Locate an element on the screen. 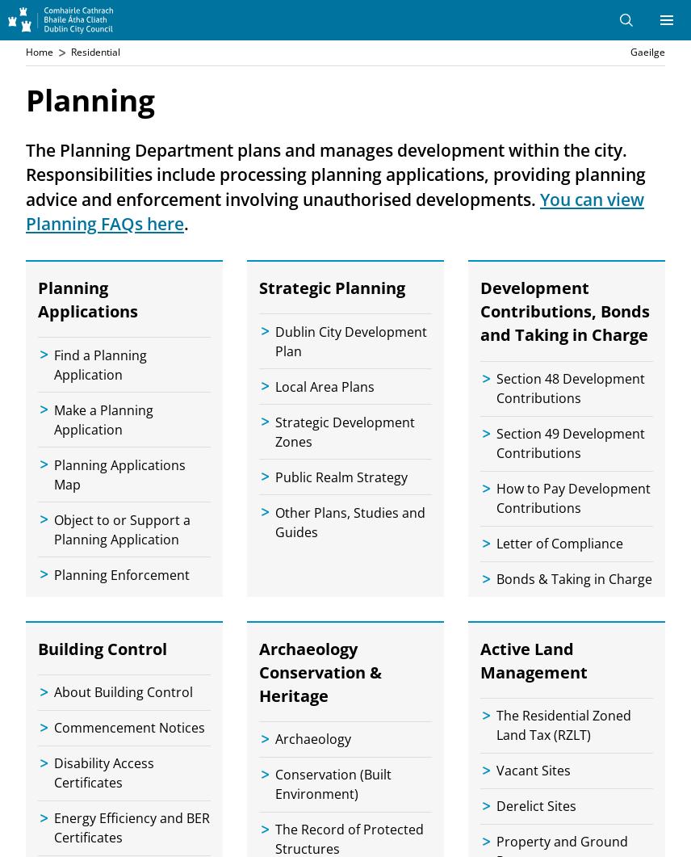  'Local Area Plans' is located at coordinates (324, 385).